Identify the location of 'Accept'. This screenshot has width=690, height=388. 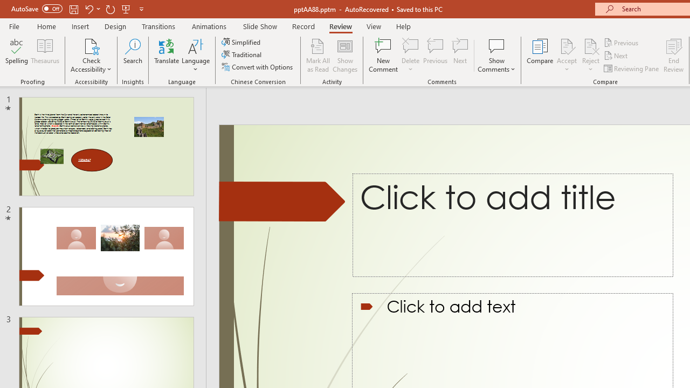
(566, 56).